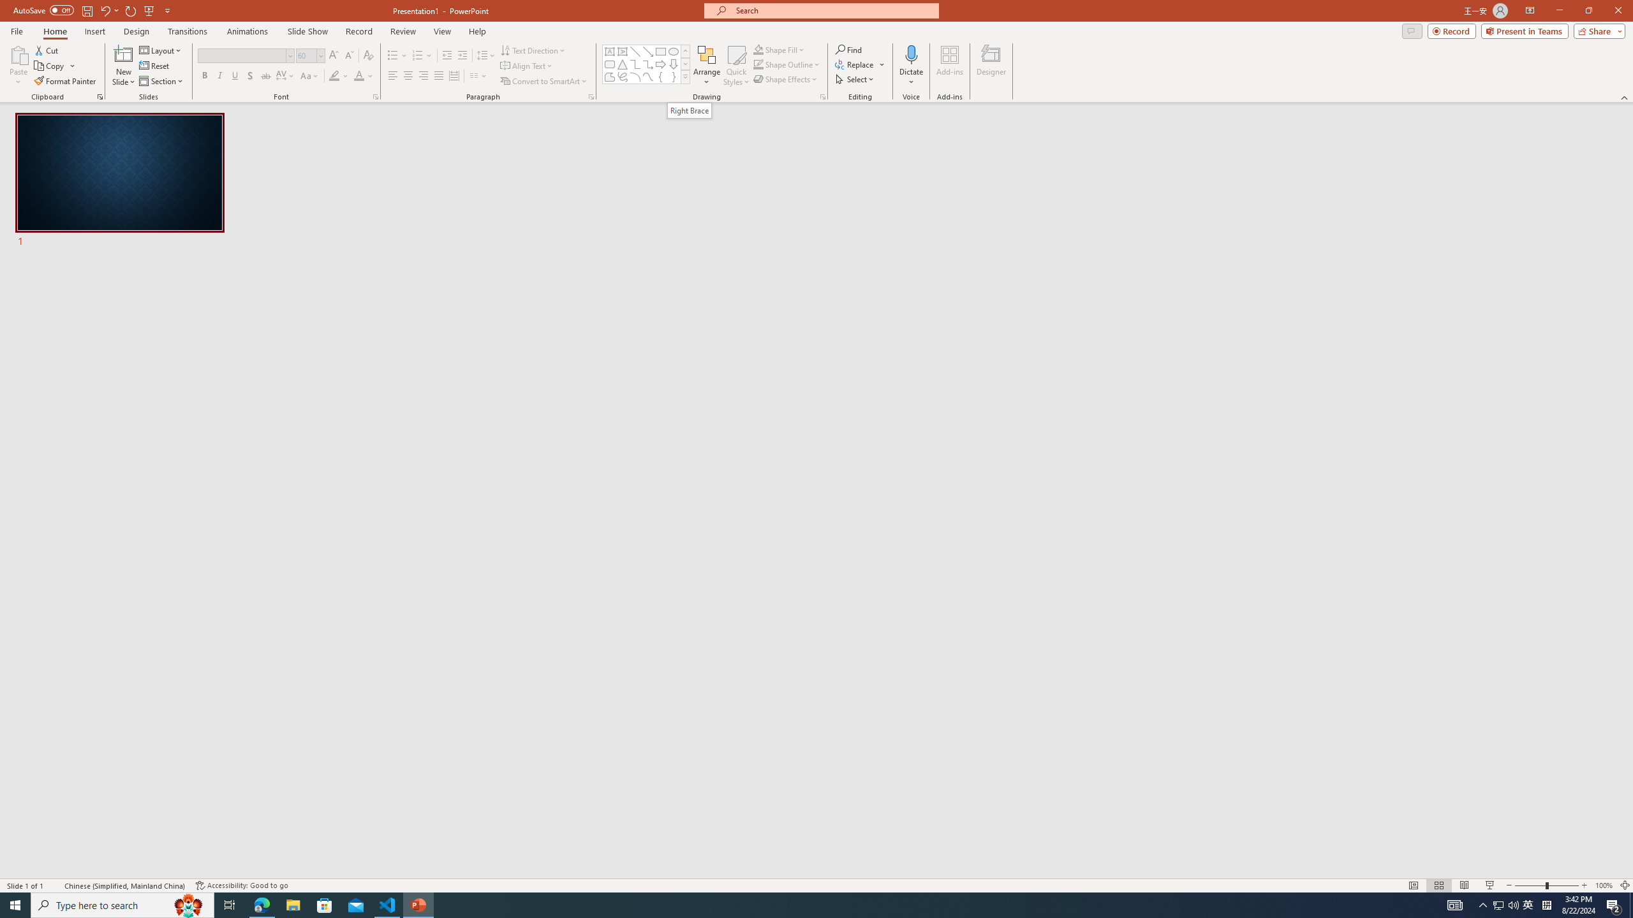 The height and width of the screenshot is (918, 1633). I want to click on 'Accessibility Checker Accessibility: Good to go', so click(242, 885).